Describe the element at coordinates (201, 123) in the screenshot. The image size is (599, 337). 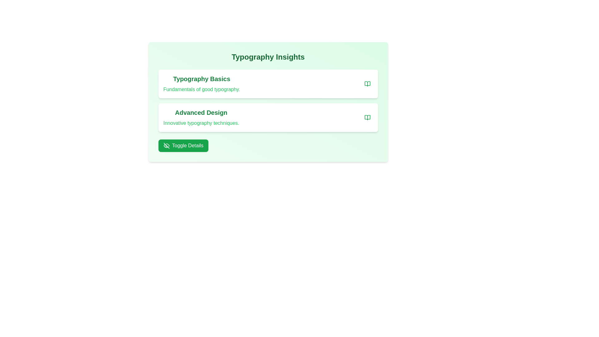
I see `the descriptive text label located below the 'Advanced Design' title in the 'Typography Insights' panel` at that location.